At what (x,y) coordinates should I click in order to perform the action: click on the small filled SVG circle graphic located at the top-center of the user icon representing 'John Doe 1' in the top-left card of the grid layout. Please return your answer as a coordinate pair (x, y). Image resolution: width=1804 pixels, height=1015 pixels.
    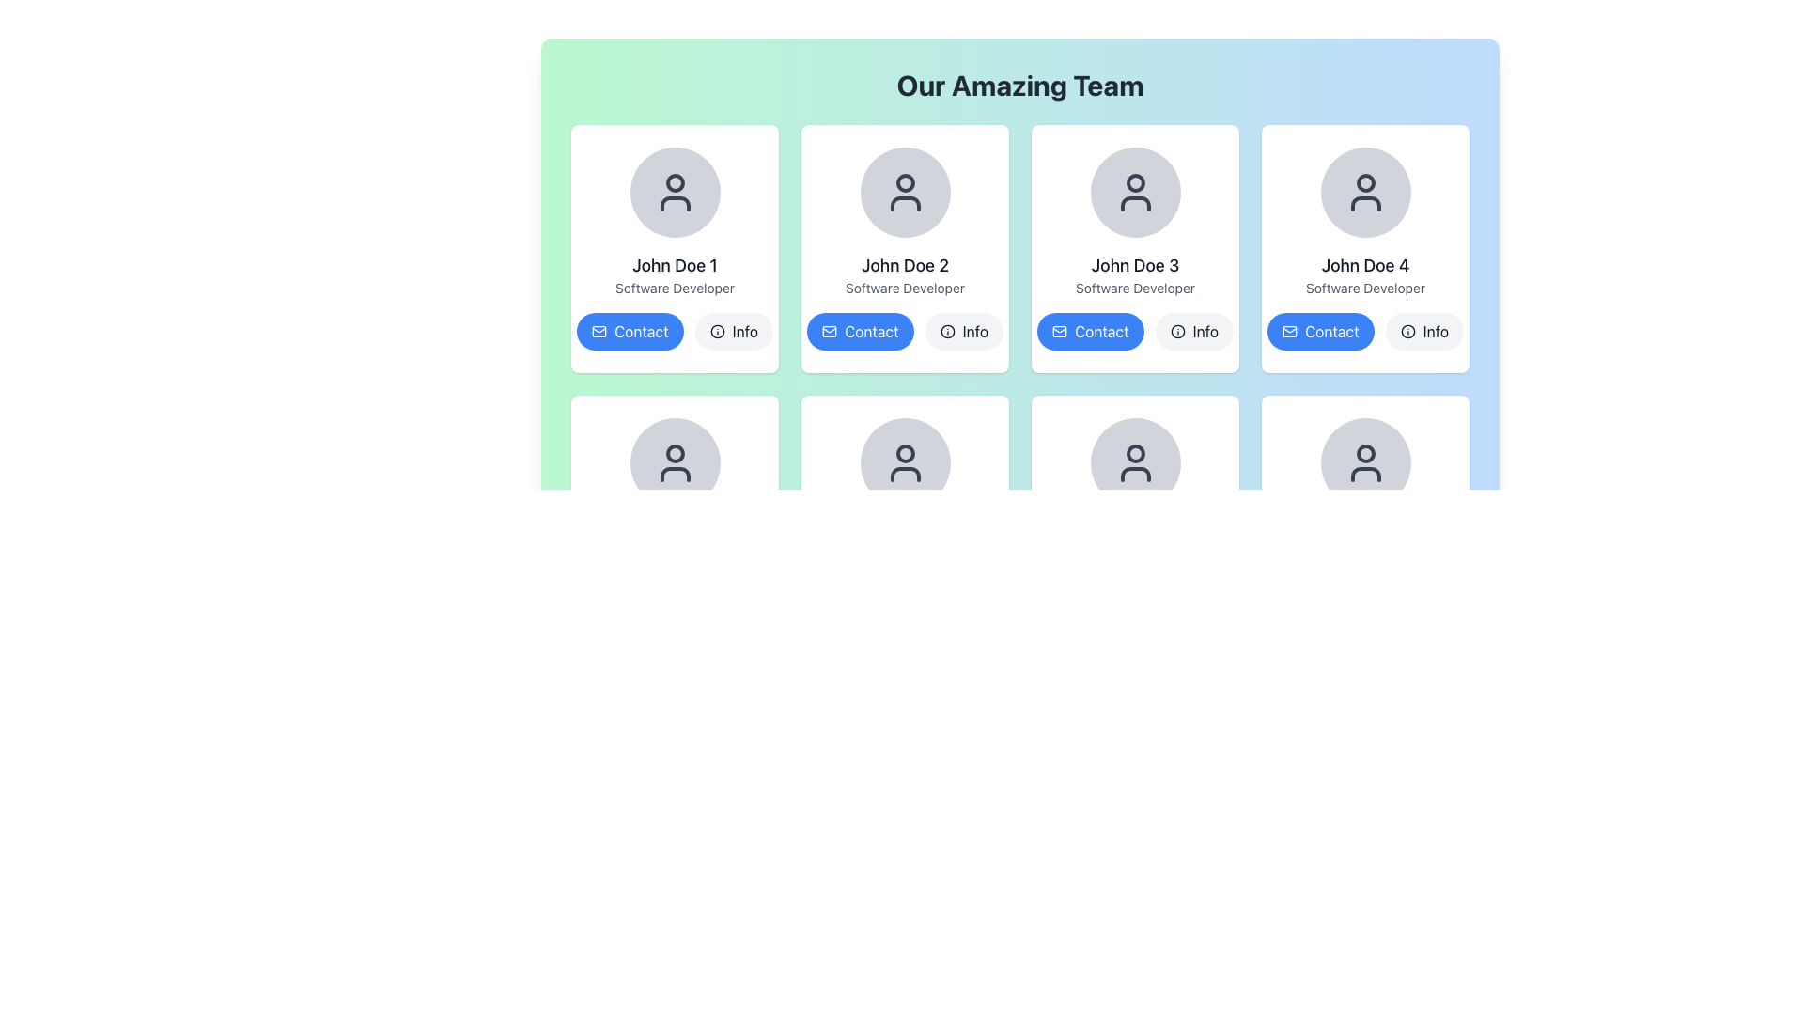
    Looking at the image, I should click on (675, 183).